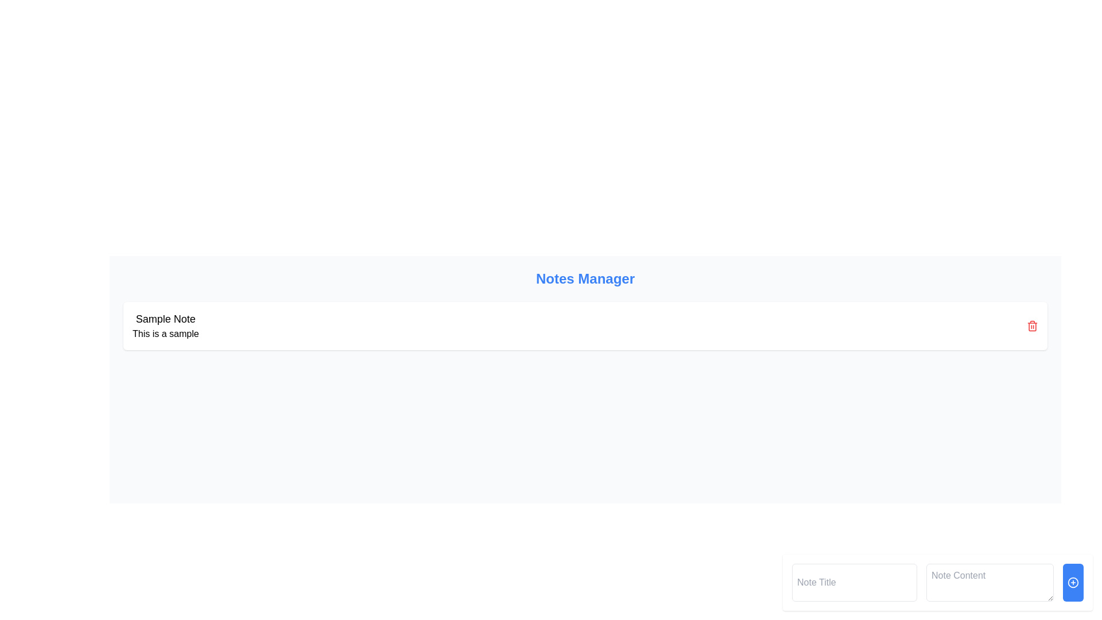 The image size is (1102, 620). Describe the element at coordinates (1033, 325) in the screenshot. I see `the icon button located at the top-right corner of the note entry bar` at that location.